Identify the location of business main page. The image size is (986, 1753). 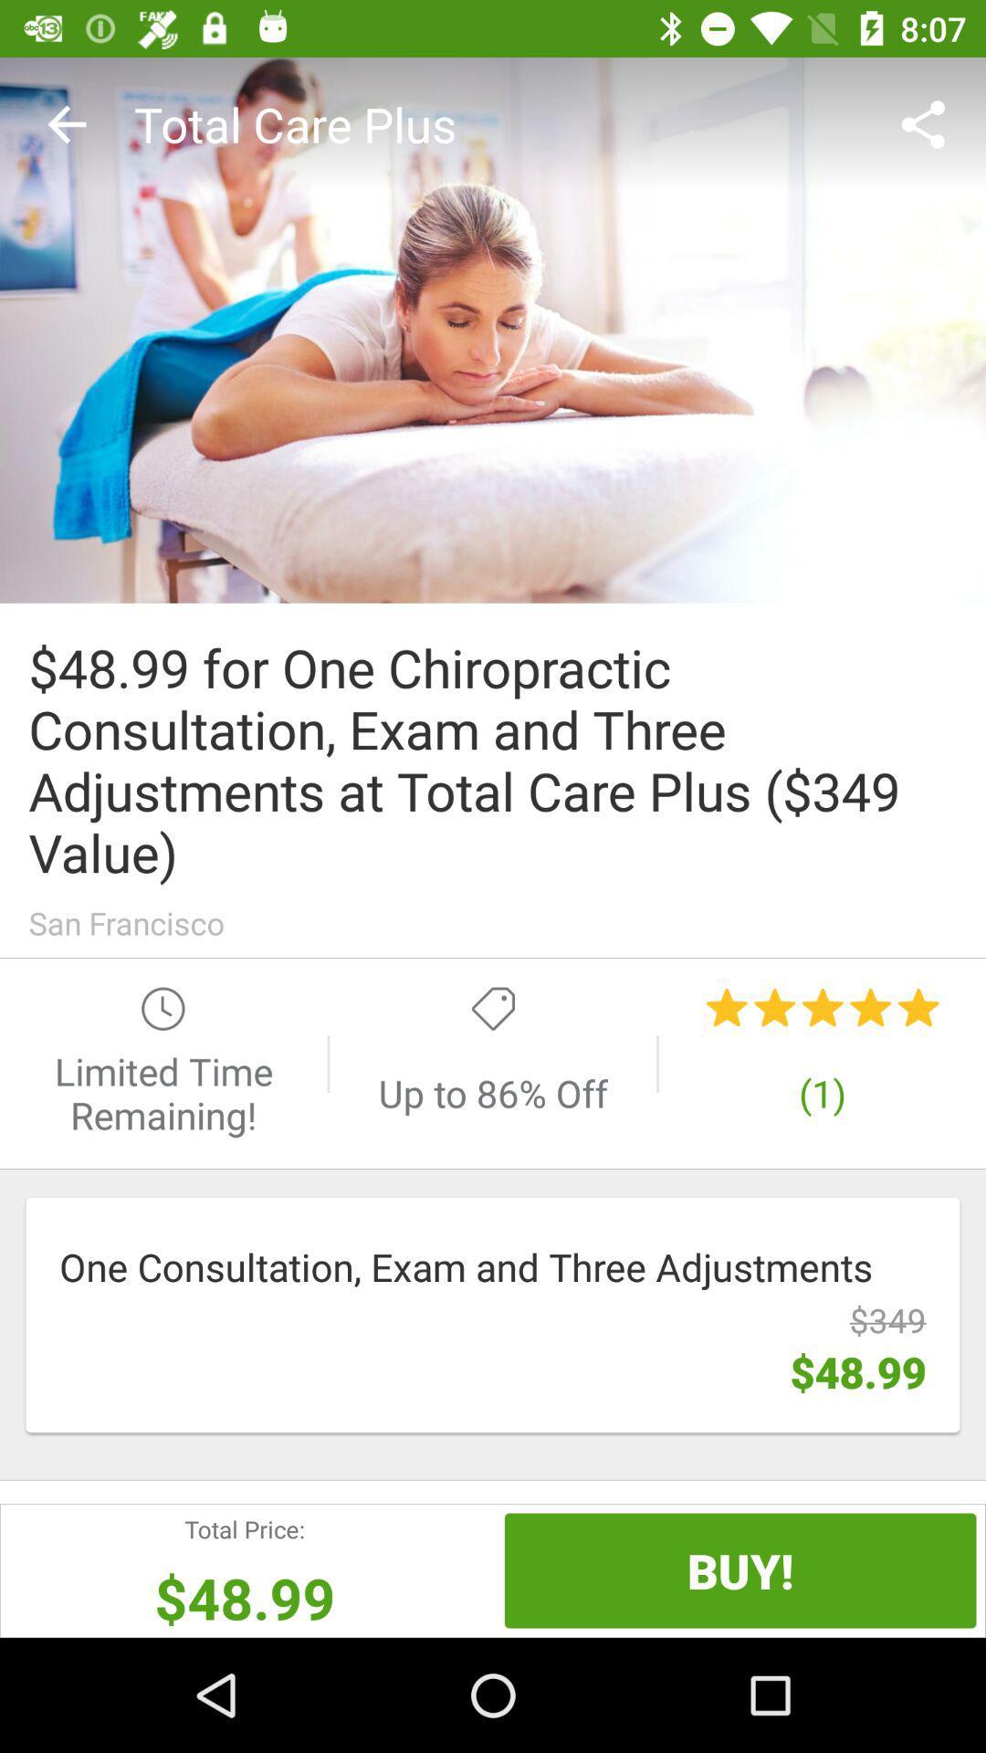
(493, 330).